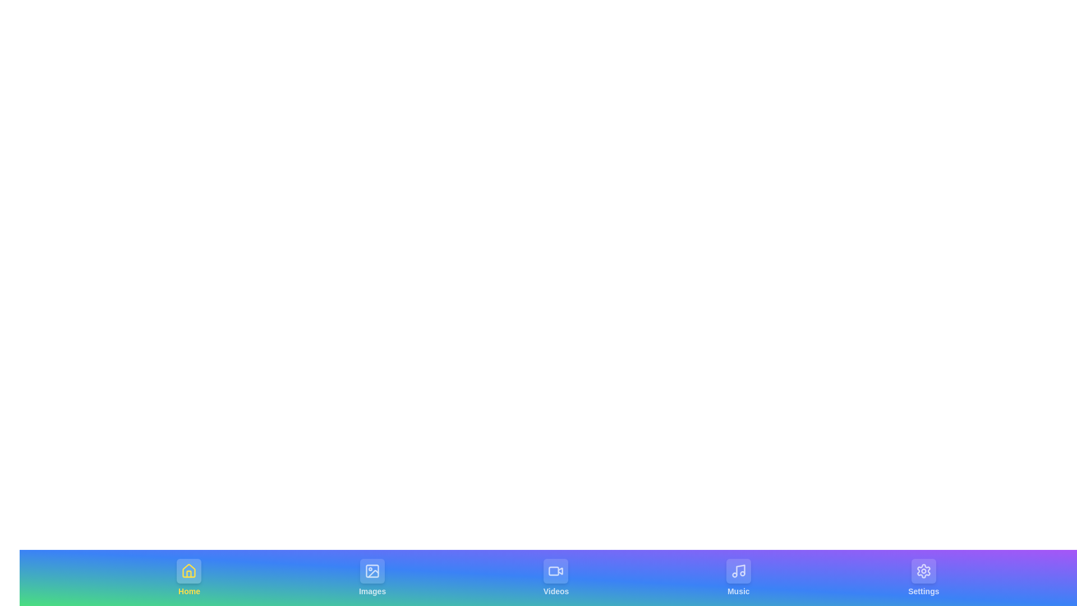 Image resolution: width=1077 pixels, height=606 pixels. Describe the element at coordinates (189, 577) in the screenshot. I see `the tab corresponding to Home` at that location.